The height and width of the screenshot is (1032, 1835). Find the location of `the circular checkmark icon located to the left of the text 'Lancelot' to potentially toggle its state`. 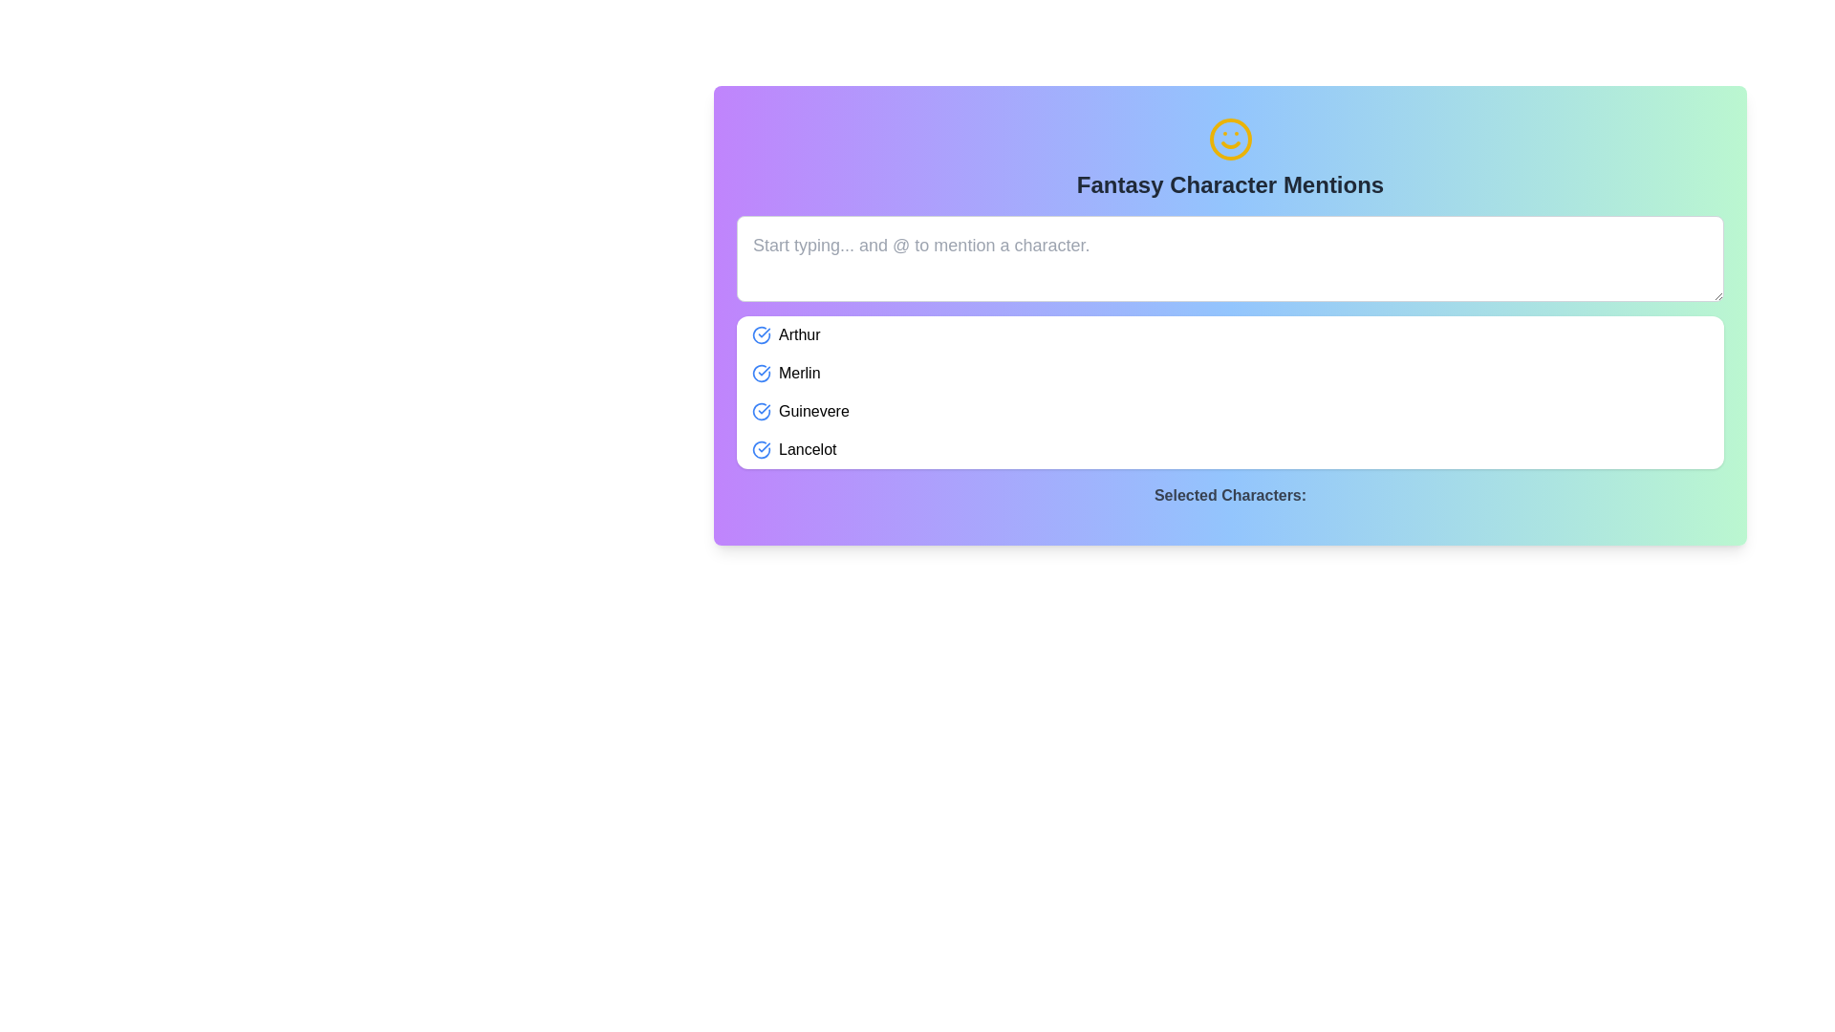

the circular checkmark icon located to the left of the text 'Lancelot' to potentially toggle its state is located at coordinates (760, 449).